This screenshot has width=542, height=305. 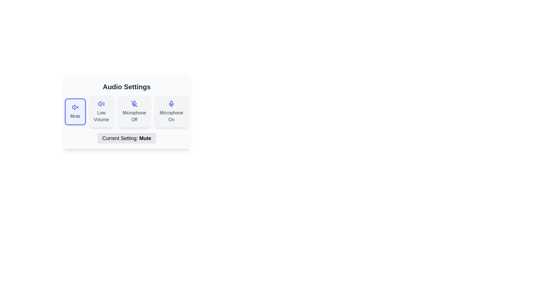 I want to click on the microphone toggle button, which is represented by a struck-through microphone icon, so click(x=134, y=112).